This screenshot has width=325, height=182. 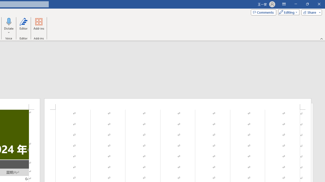 What do you see at coordinates (284, 4) in the screenshot?
I see `'Ribbon Display Options'` at bounding box center [284, 4].